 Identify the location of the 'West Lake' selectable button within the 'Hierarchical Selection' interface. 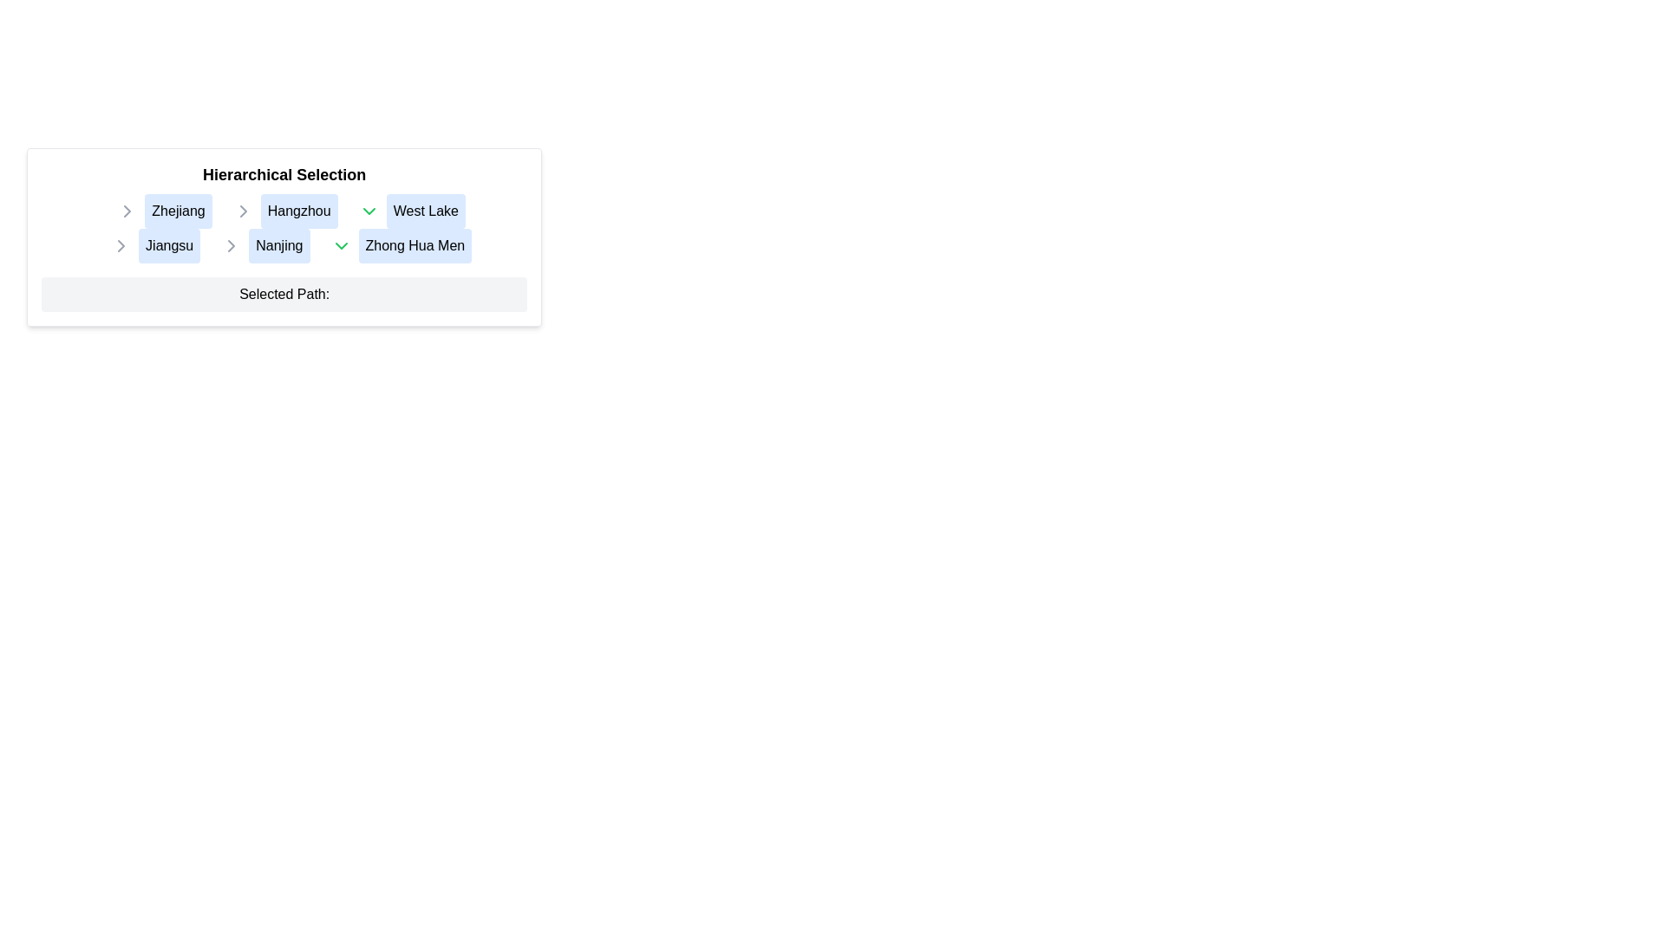
(411, 210).